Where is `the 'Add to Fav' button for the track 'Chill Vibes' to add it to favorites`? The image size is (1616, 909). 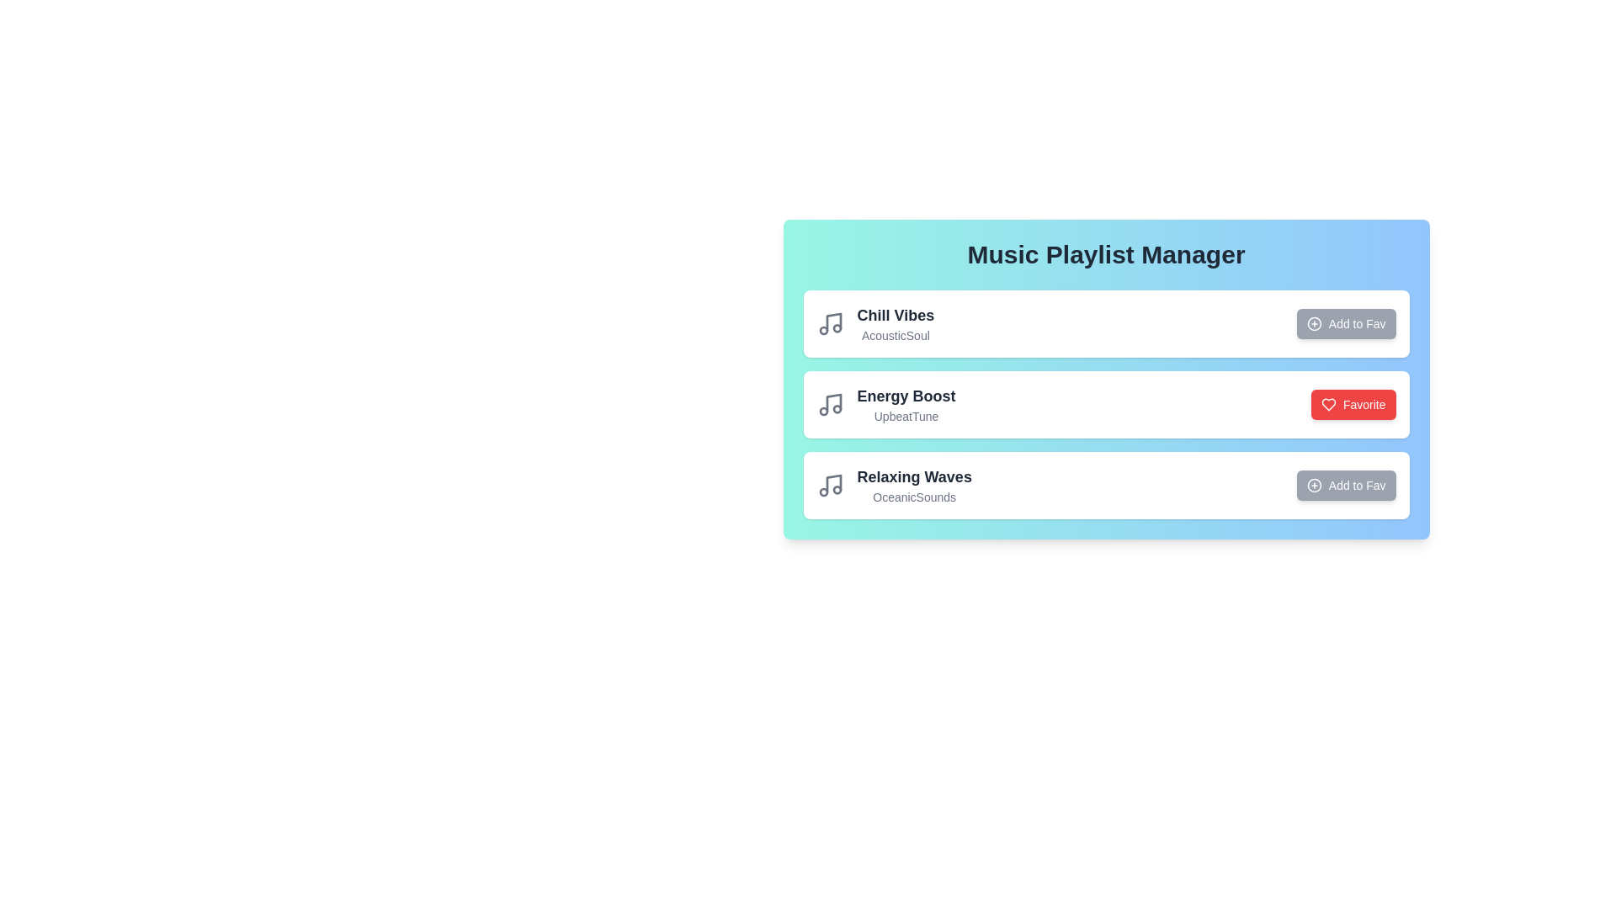
the 'Add to Fav' button for the track 'Chill Vibes' to add it to favorites is located at coordinates (1344, 324).